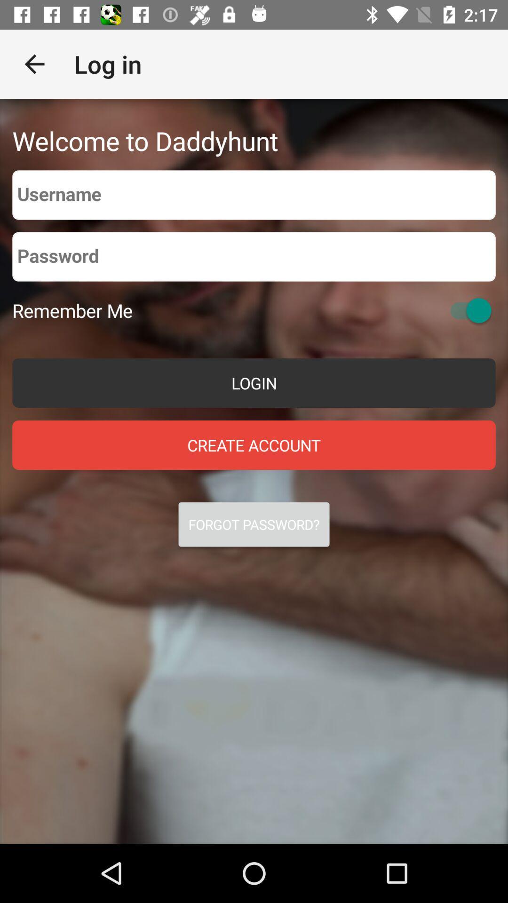 The width and height of the screenshot is (508, 903). I want to click on the app next to log in icon, so click(34, 63).